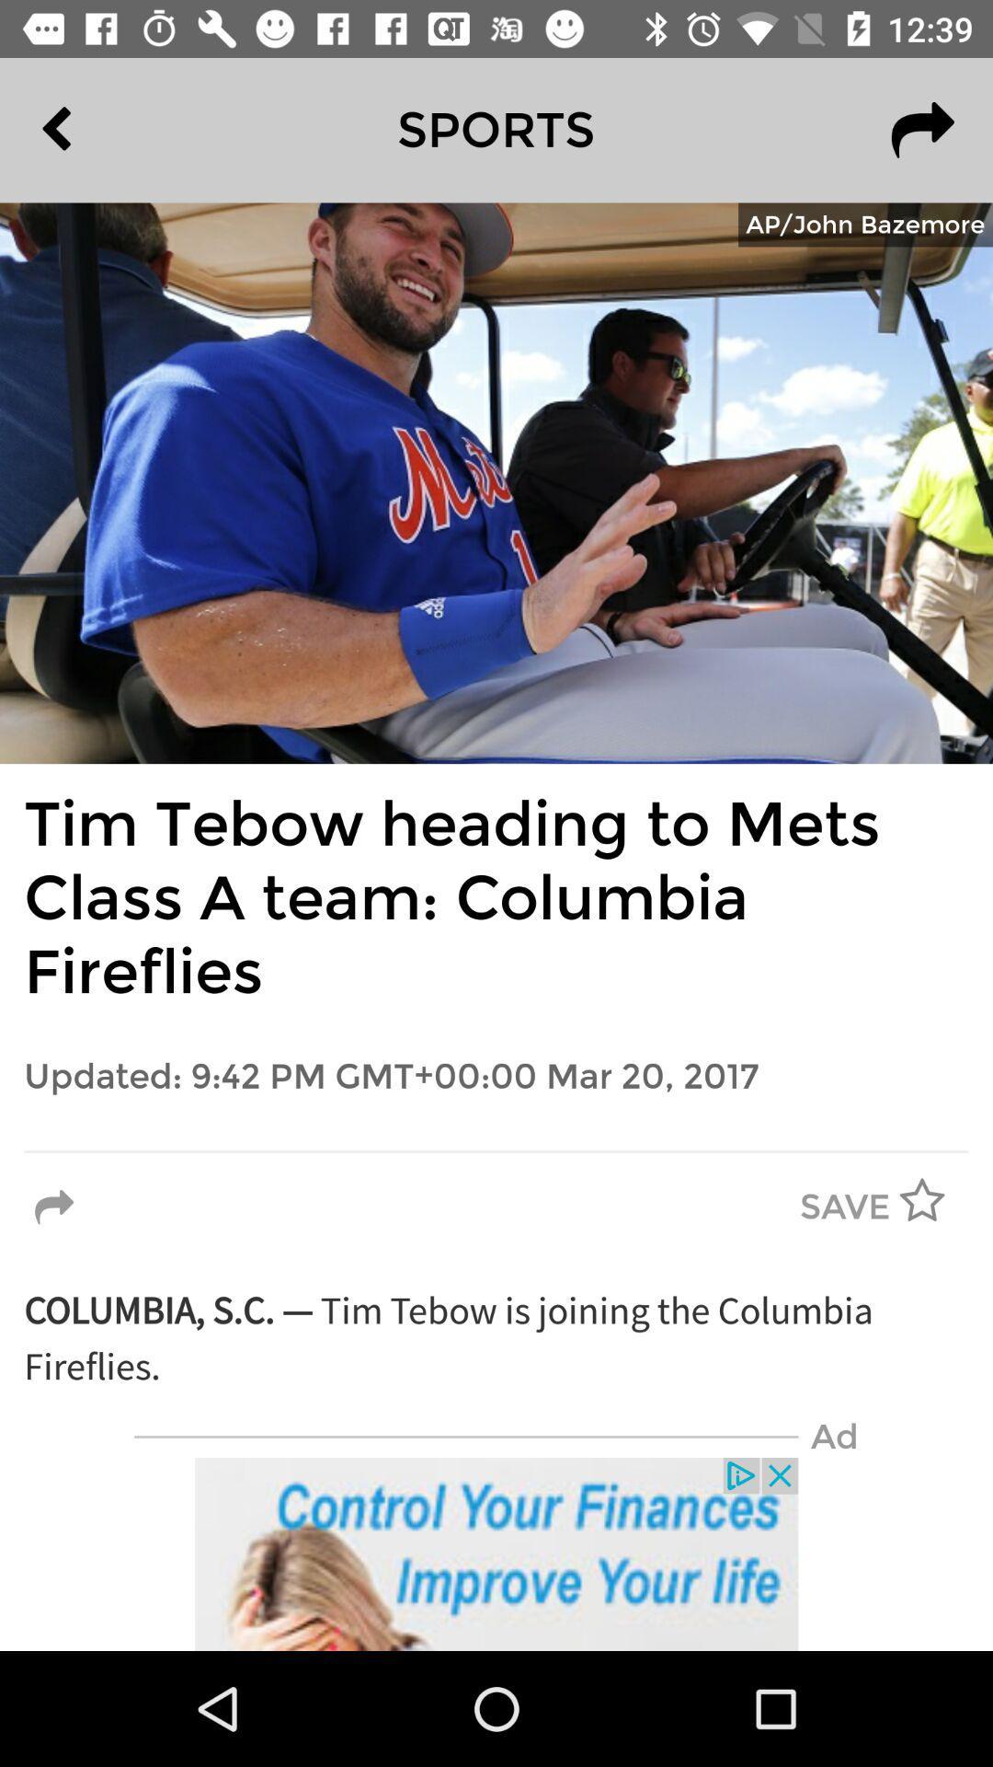 This screenshot has width=993, height=1767. Describe the element at coordinates (58, 1208) in the screenshot. I see `icon which is left to save` at that location.